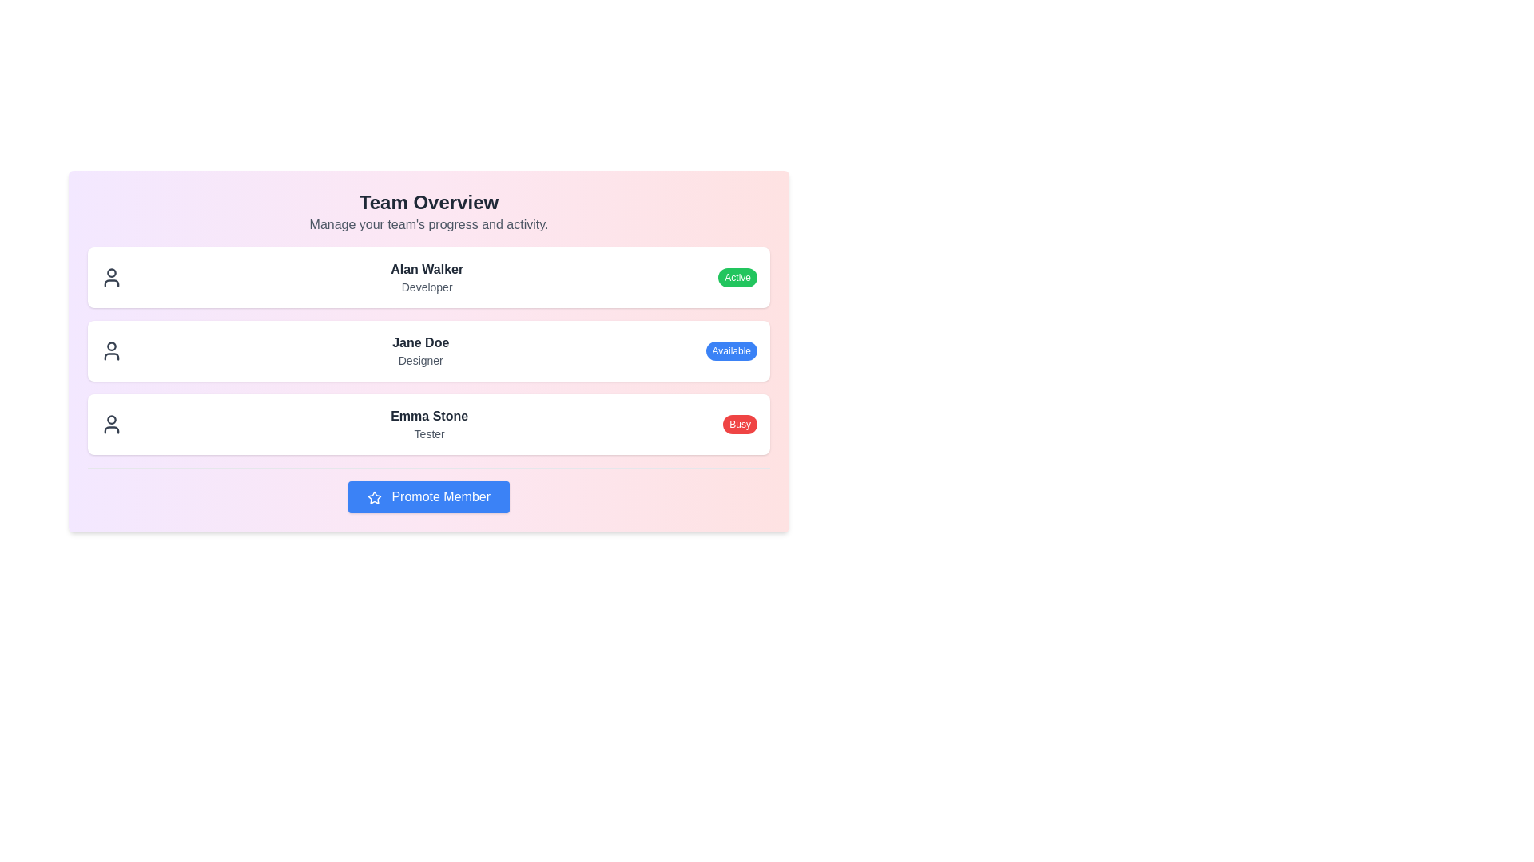  What do you see at coordinates (420, 360) in the screenshot?
I see `the text label 'Designer' which is styled in a small gray font located directly beneath 'Jane Doe' in the middle panel of the team members list` at bounding box center [420, 360].